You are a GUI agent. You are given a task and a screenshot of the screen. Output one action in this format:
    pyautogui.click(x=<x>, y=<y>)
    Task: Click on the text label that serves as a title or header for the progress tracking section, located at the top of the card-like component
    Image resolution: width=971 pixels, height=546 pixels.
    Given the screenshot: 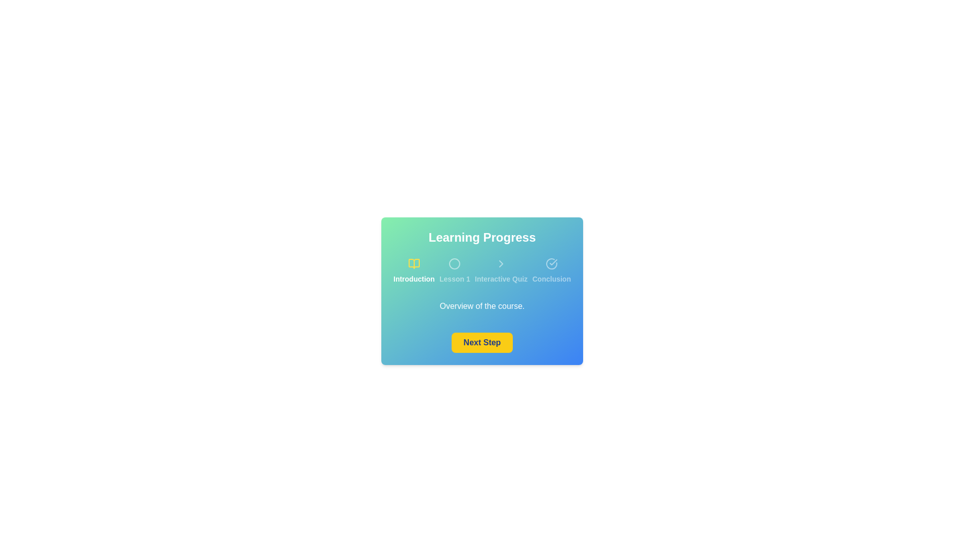 What is the action you would take?
    pyautogui.click(x=481, y=238)
    